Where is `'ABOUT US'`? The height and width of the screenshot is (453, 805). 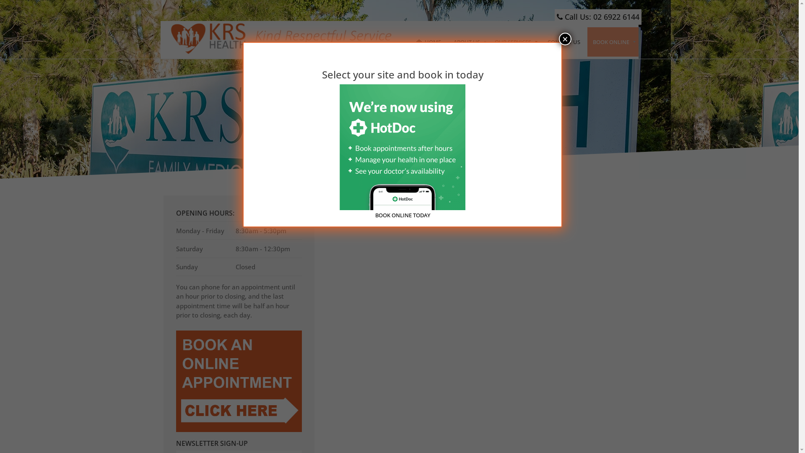
'ABOUT US' is located at coordinates (468, 42).